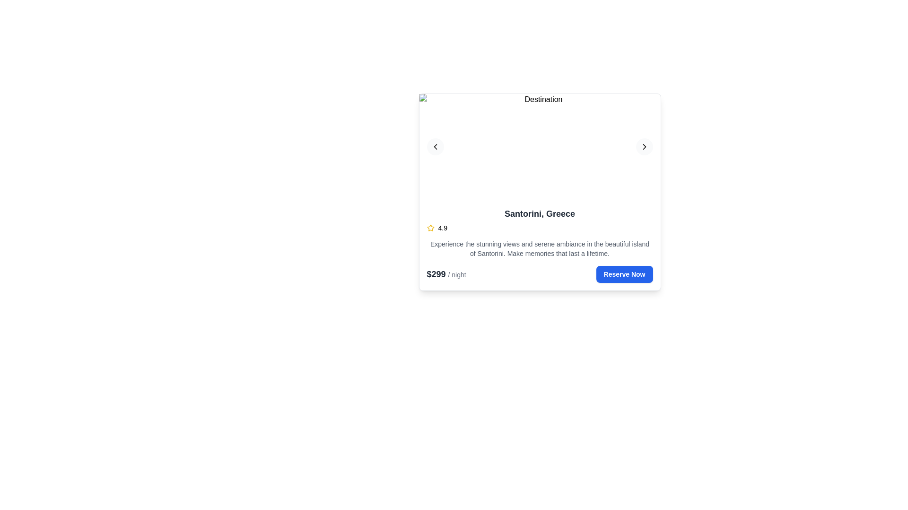 The width and height of the screenshot is (908, 510). I want to click on the Text Display showing the price '$299' in bold, large font, so click(437, 274).